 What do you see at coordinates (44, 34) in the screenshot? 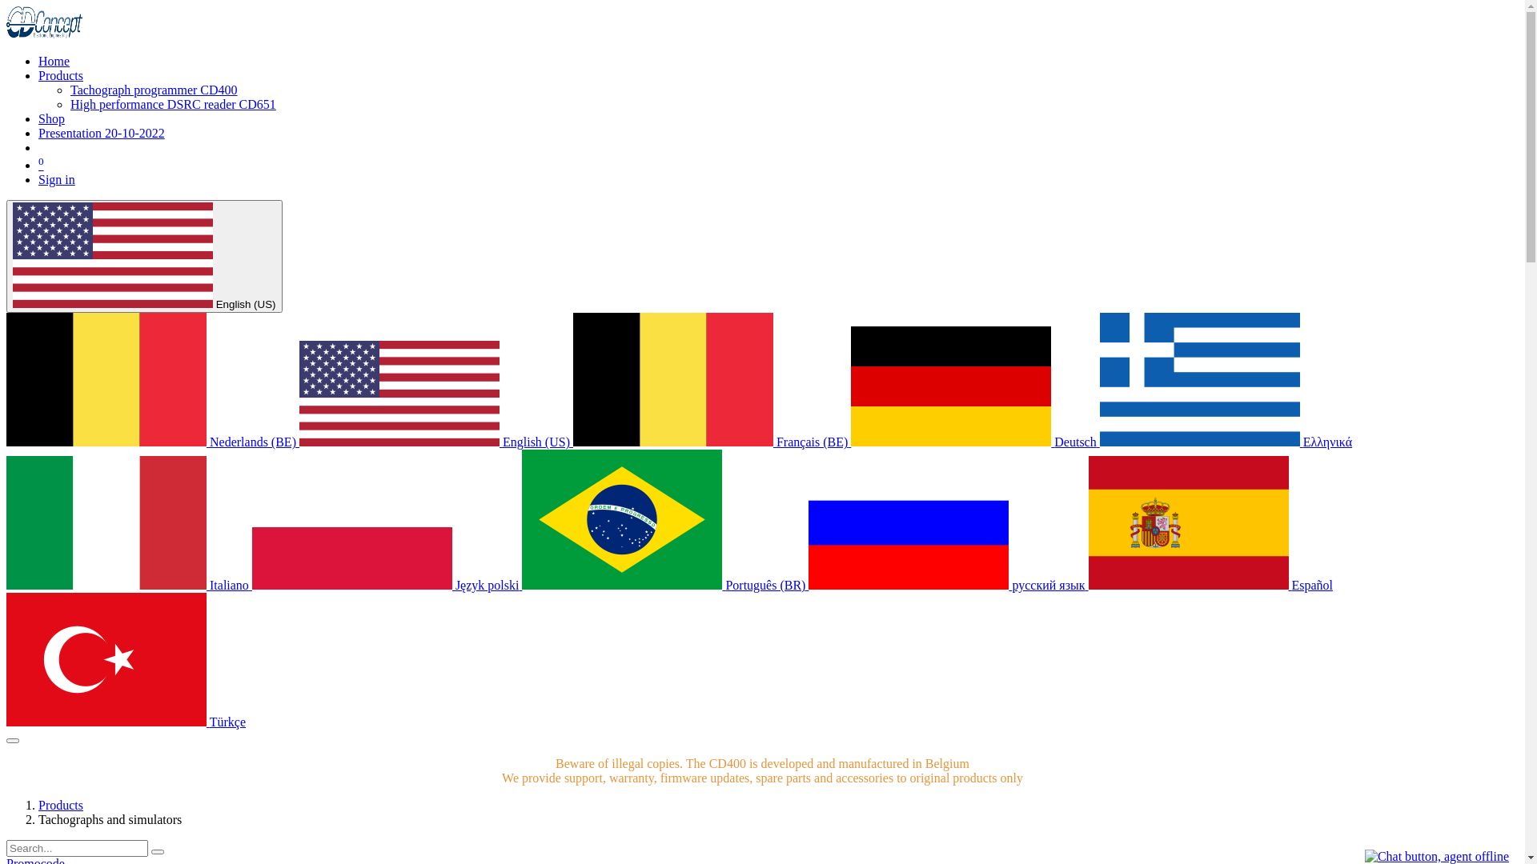
I see `'www.cdconcept.be'` at bounding box center [44, 34].